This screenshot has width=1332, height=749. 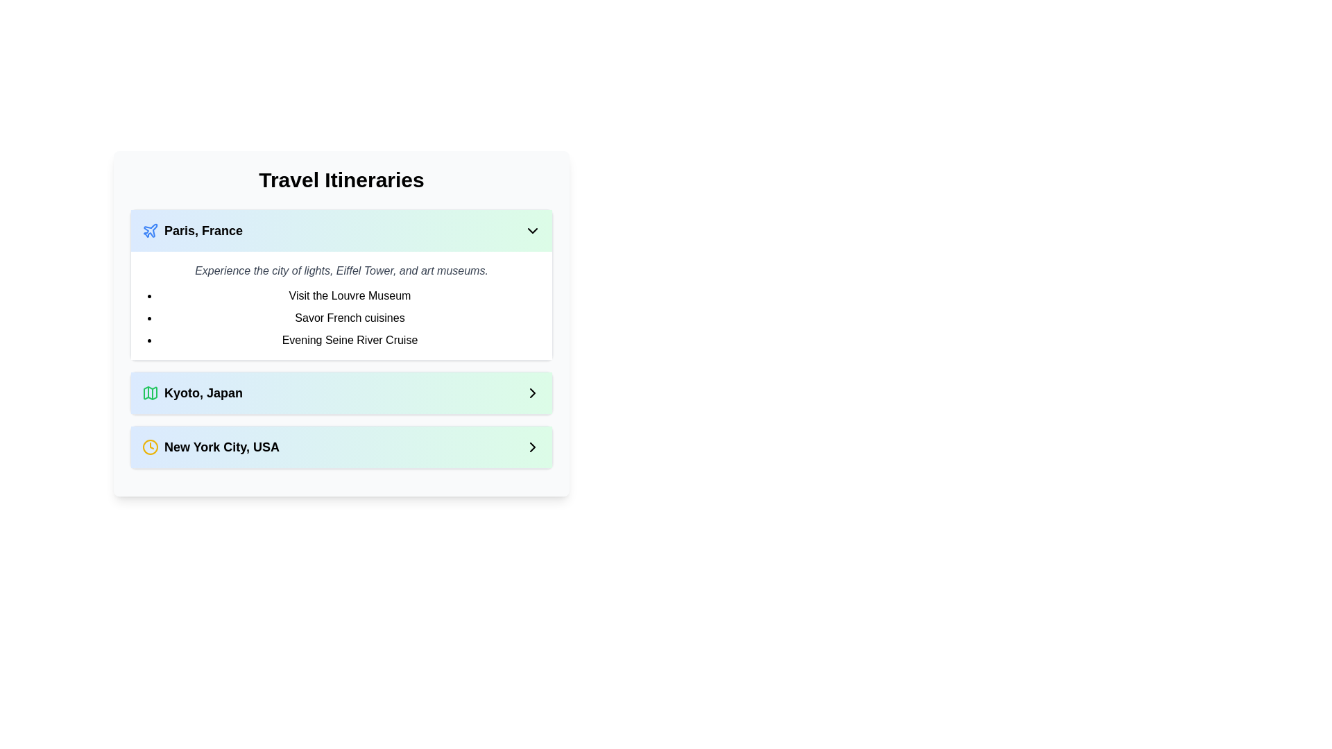 I want to click on the selectable card representing 'New York City, USA', so click(x=341, y=447).